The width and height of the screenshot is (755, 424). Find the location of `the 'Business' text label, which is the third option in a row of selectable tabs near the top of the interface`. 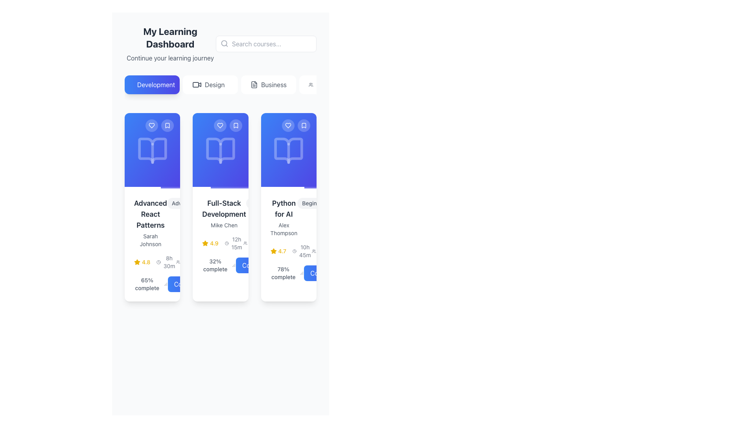

the 'Business' text label, which is the third option in a row of selectable tabs near the top of the interface is located at coordinates (274, 85).